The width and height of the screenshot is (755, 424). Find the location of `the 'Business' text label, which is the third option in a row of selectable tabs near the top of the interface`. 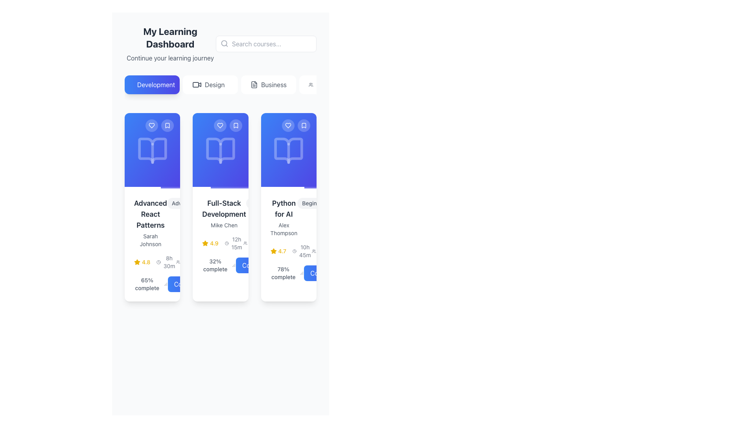

the 'Business' text label, which is the third option in a row of selectable tabs near the top of the interface is located at coordinates (274, 85).